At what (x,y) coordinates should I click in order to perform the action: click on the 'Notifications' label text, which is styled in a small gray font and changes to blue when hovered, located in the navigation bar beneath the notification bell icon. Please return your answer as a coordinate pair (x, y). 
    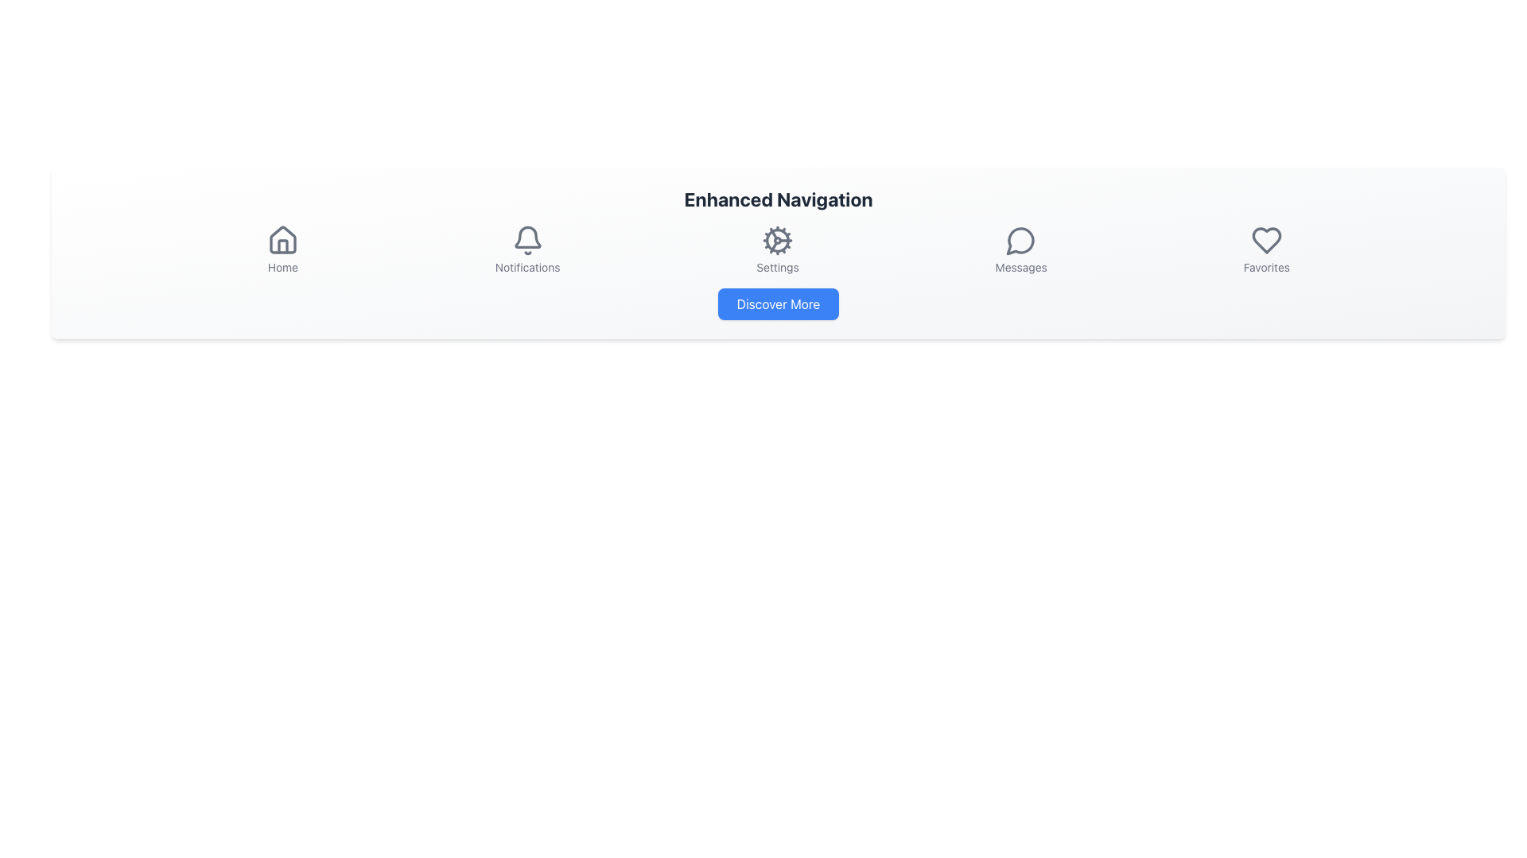
    Looking at the image, I should click on (527, 266).